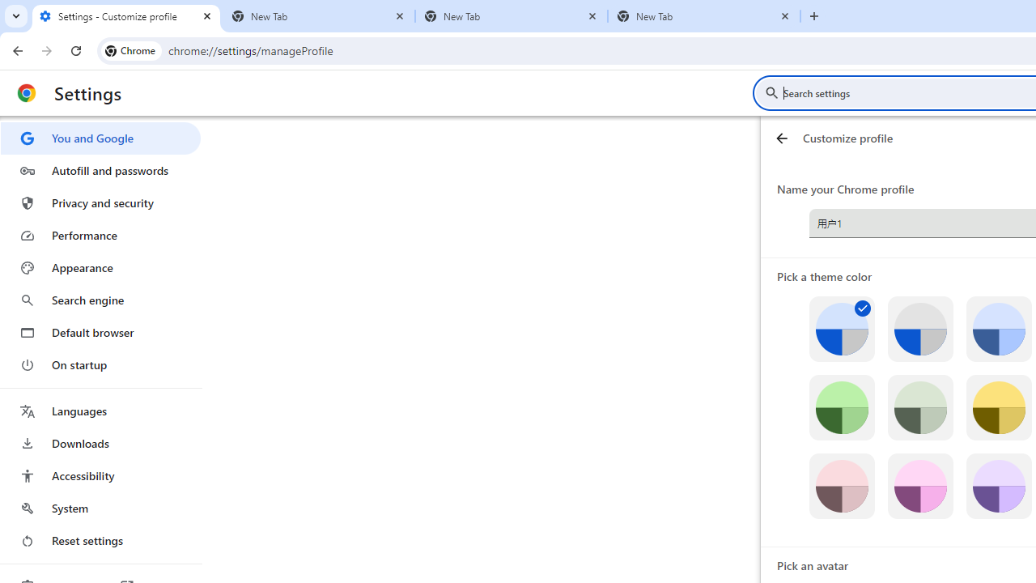 The width and height of the screenshot is (1036, 583). What do you see at coordinates (100, 541) in the screenshot?
I see `'Reset settings'` at bounding box center [100, 541].